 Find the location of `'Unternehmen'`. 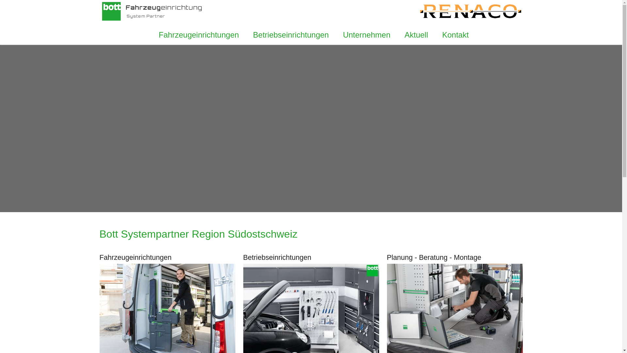

'Unternehmen' is located at coordinates (367, 35).